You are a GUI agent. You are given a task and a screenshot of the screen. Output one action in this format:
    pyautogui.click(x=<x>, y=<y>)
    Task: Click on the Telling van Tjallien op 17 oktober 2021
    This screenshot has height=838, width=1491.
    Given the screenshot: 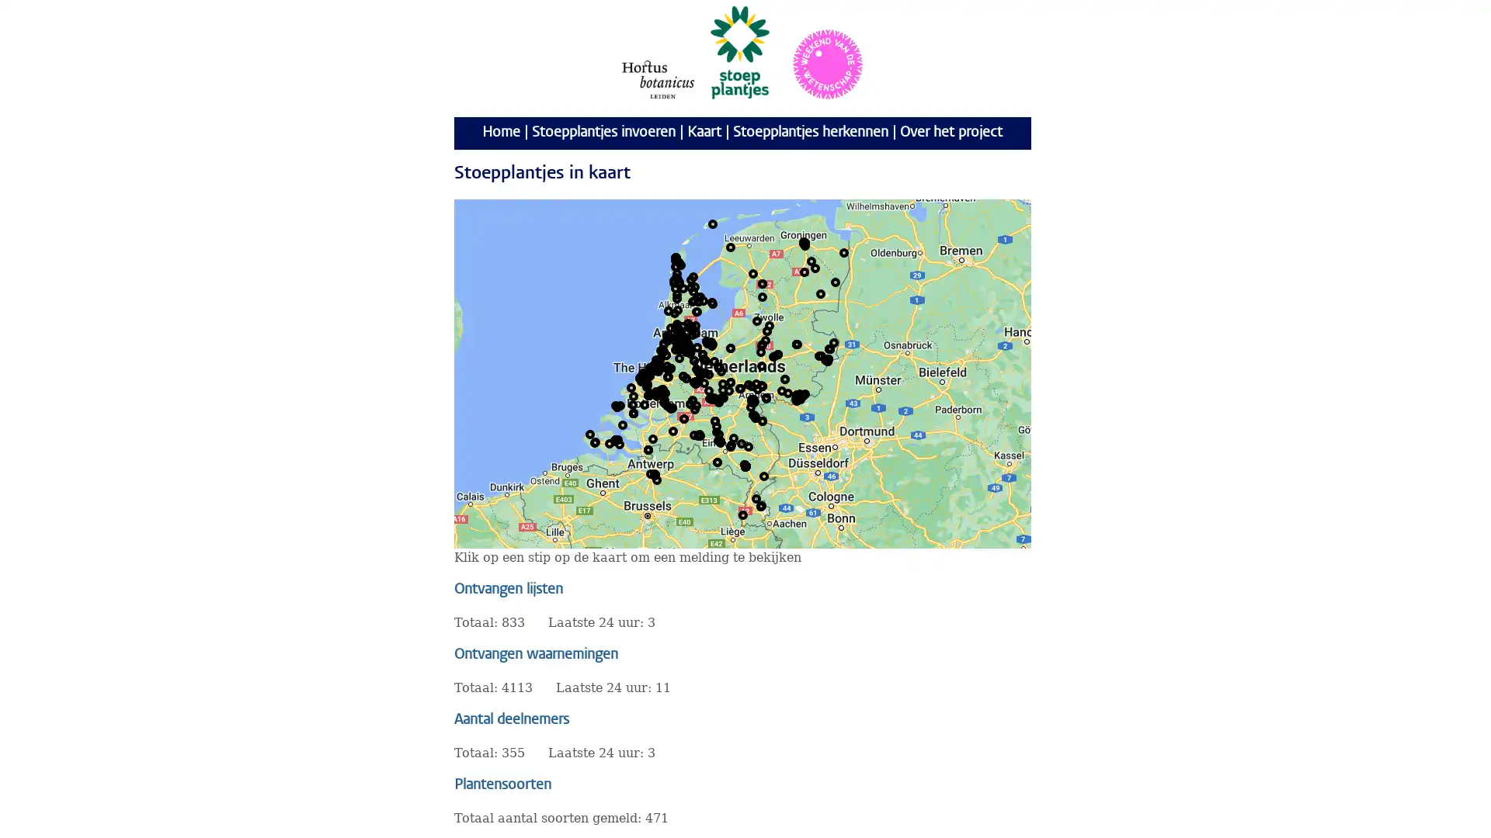 What is the action you would take?
    pyautogui.click(x=763, y=296)
    